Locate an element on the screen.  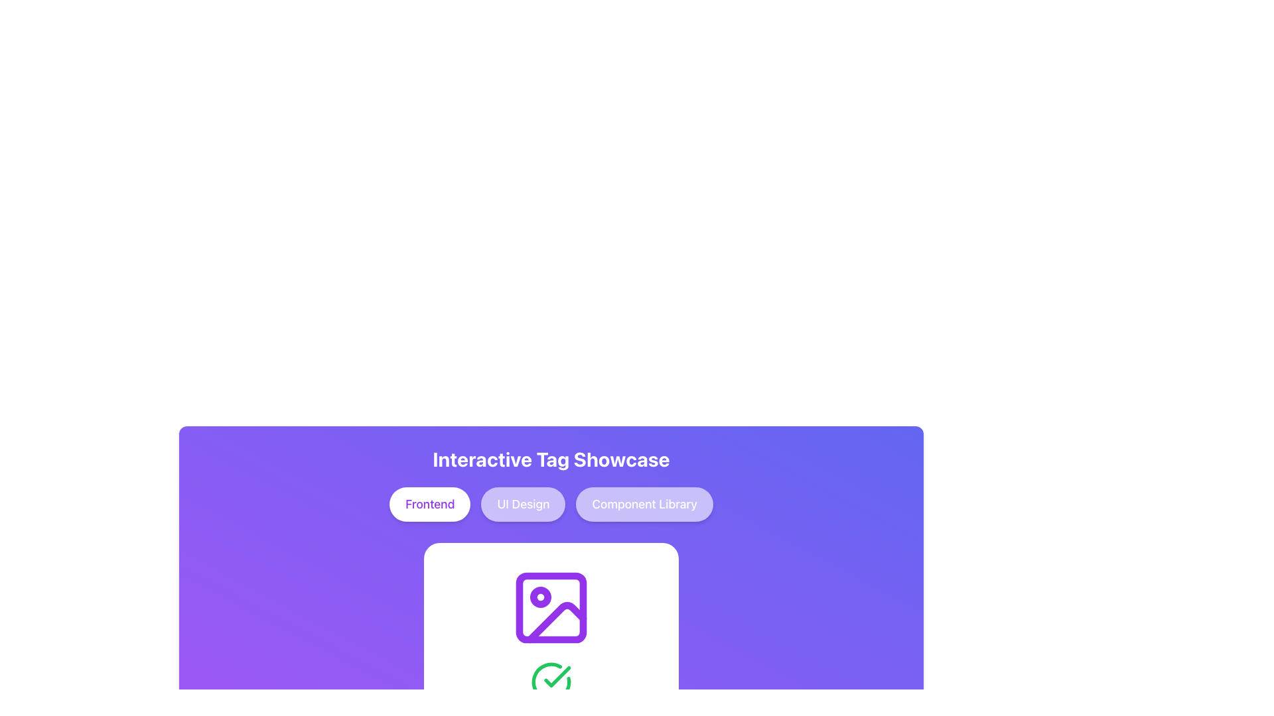
the 'UI Design' button, which is a rounded rectangle with a semi-transparent white overlay and white text, located between the 'Frontend' and 'Component Library' buttons is located at coordinates (522, 504).